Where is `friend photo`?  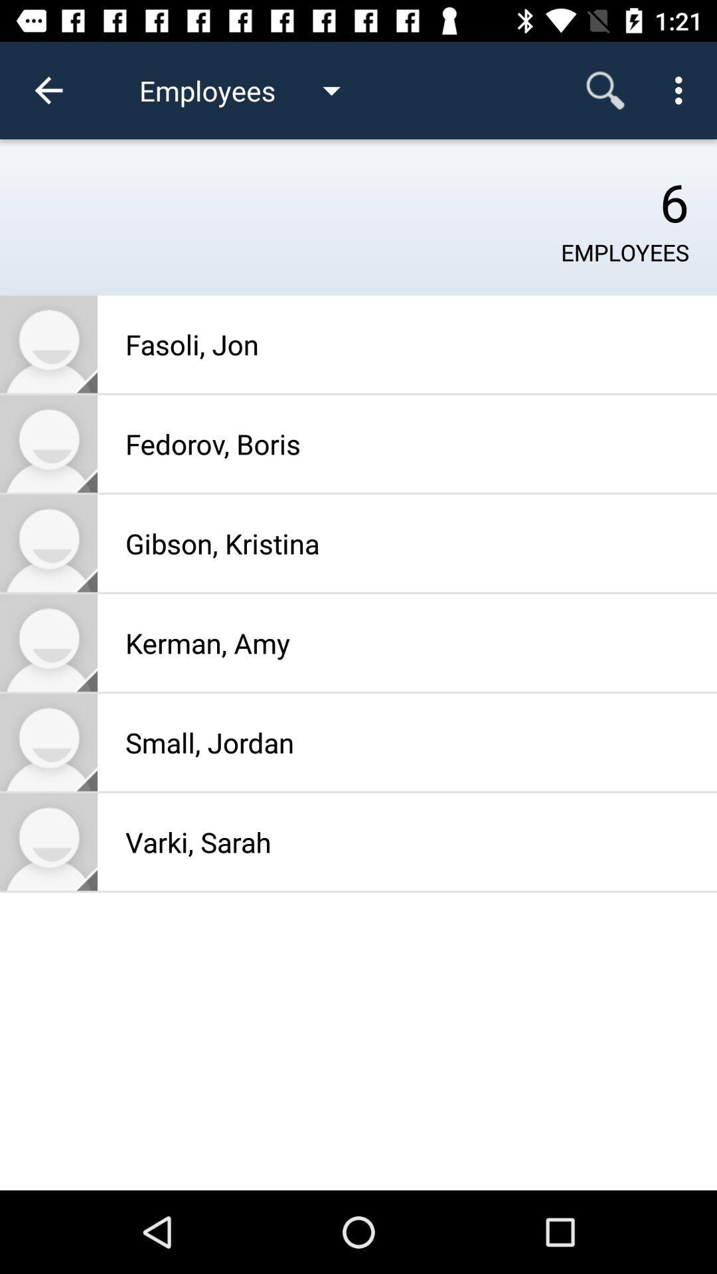
friend photo is located at coordinates (48, 543).